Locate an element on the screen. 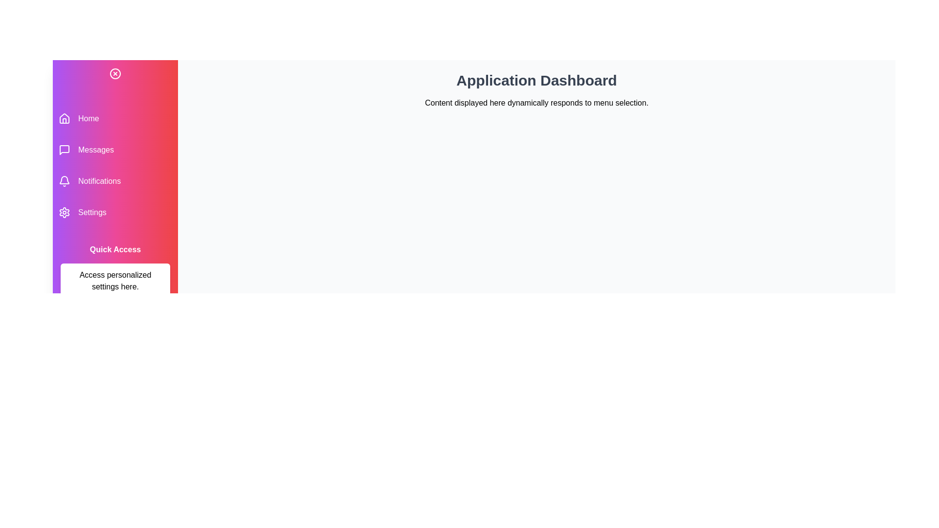 This screenshot has height=528, width=939. the descriptive text area in the main content section to focus on it is located at coordinates (536, 103).